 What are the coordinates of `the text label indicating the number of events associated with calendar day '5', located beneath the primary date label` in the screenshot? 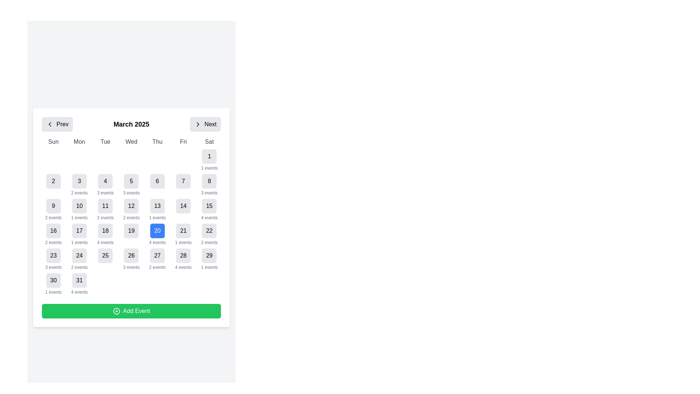 It's located at (131, 192).